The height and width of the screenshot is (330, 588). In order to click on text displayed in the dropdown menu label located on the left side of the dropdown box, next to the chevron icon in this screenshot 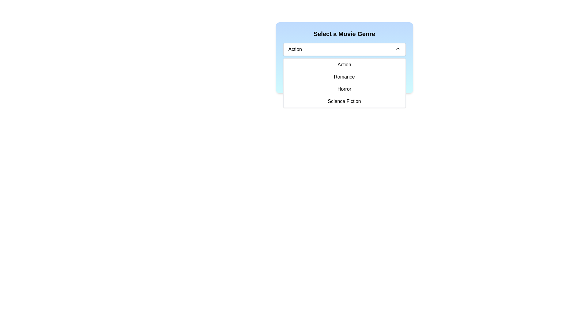, I will do `click(295, 49)`.